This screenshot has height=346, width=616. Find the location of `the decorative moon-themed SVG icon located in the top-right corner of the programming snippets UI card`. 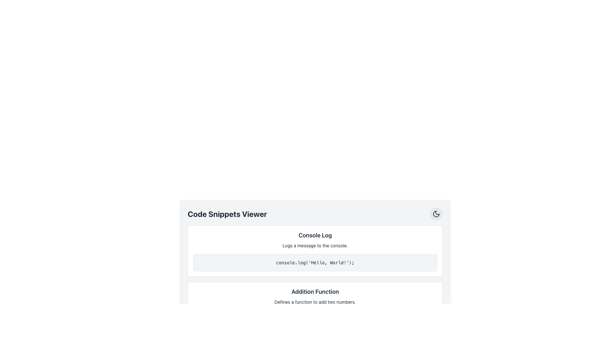

the decorative moon-themed SVG icon located in the top-right corner of the programming snippets UI card is located at coordinates (436, 214).